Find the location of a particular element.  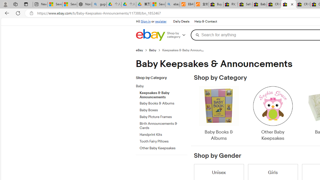

'ebay - Search' is located at coordinates (172, 4).